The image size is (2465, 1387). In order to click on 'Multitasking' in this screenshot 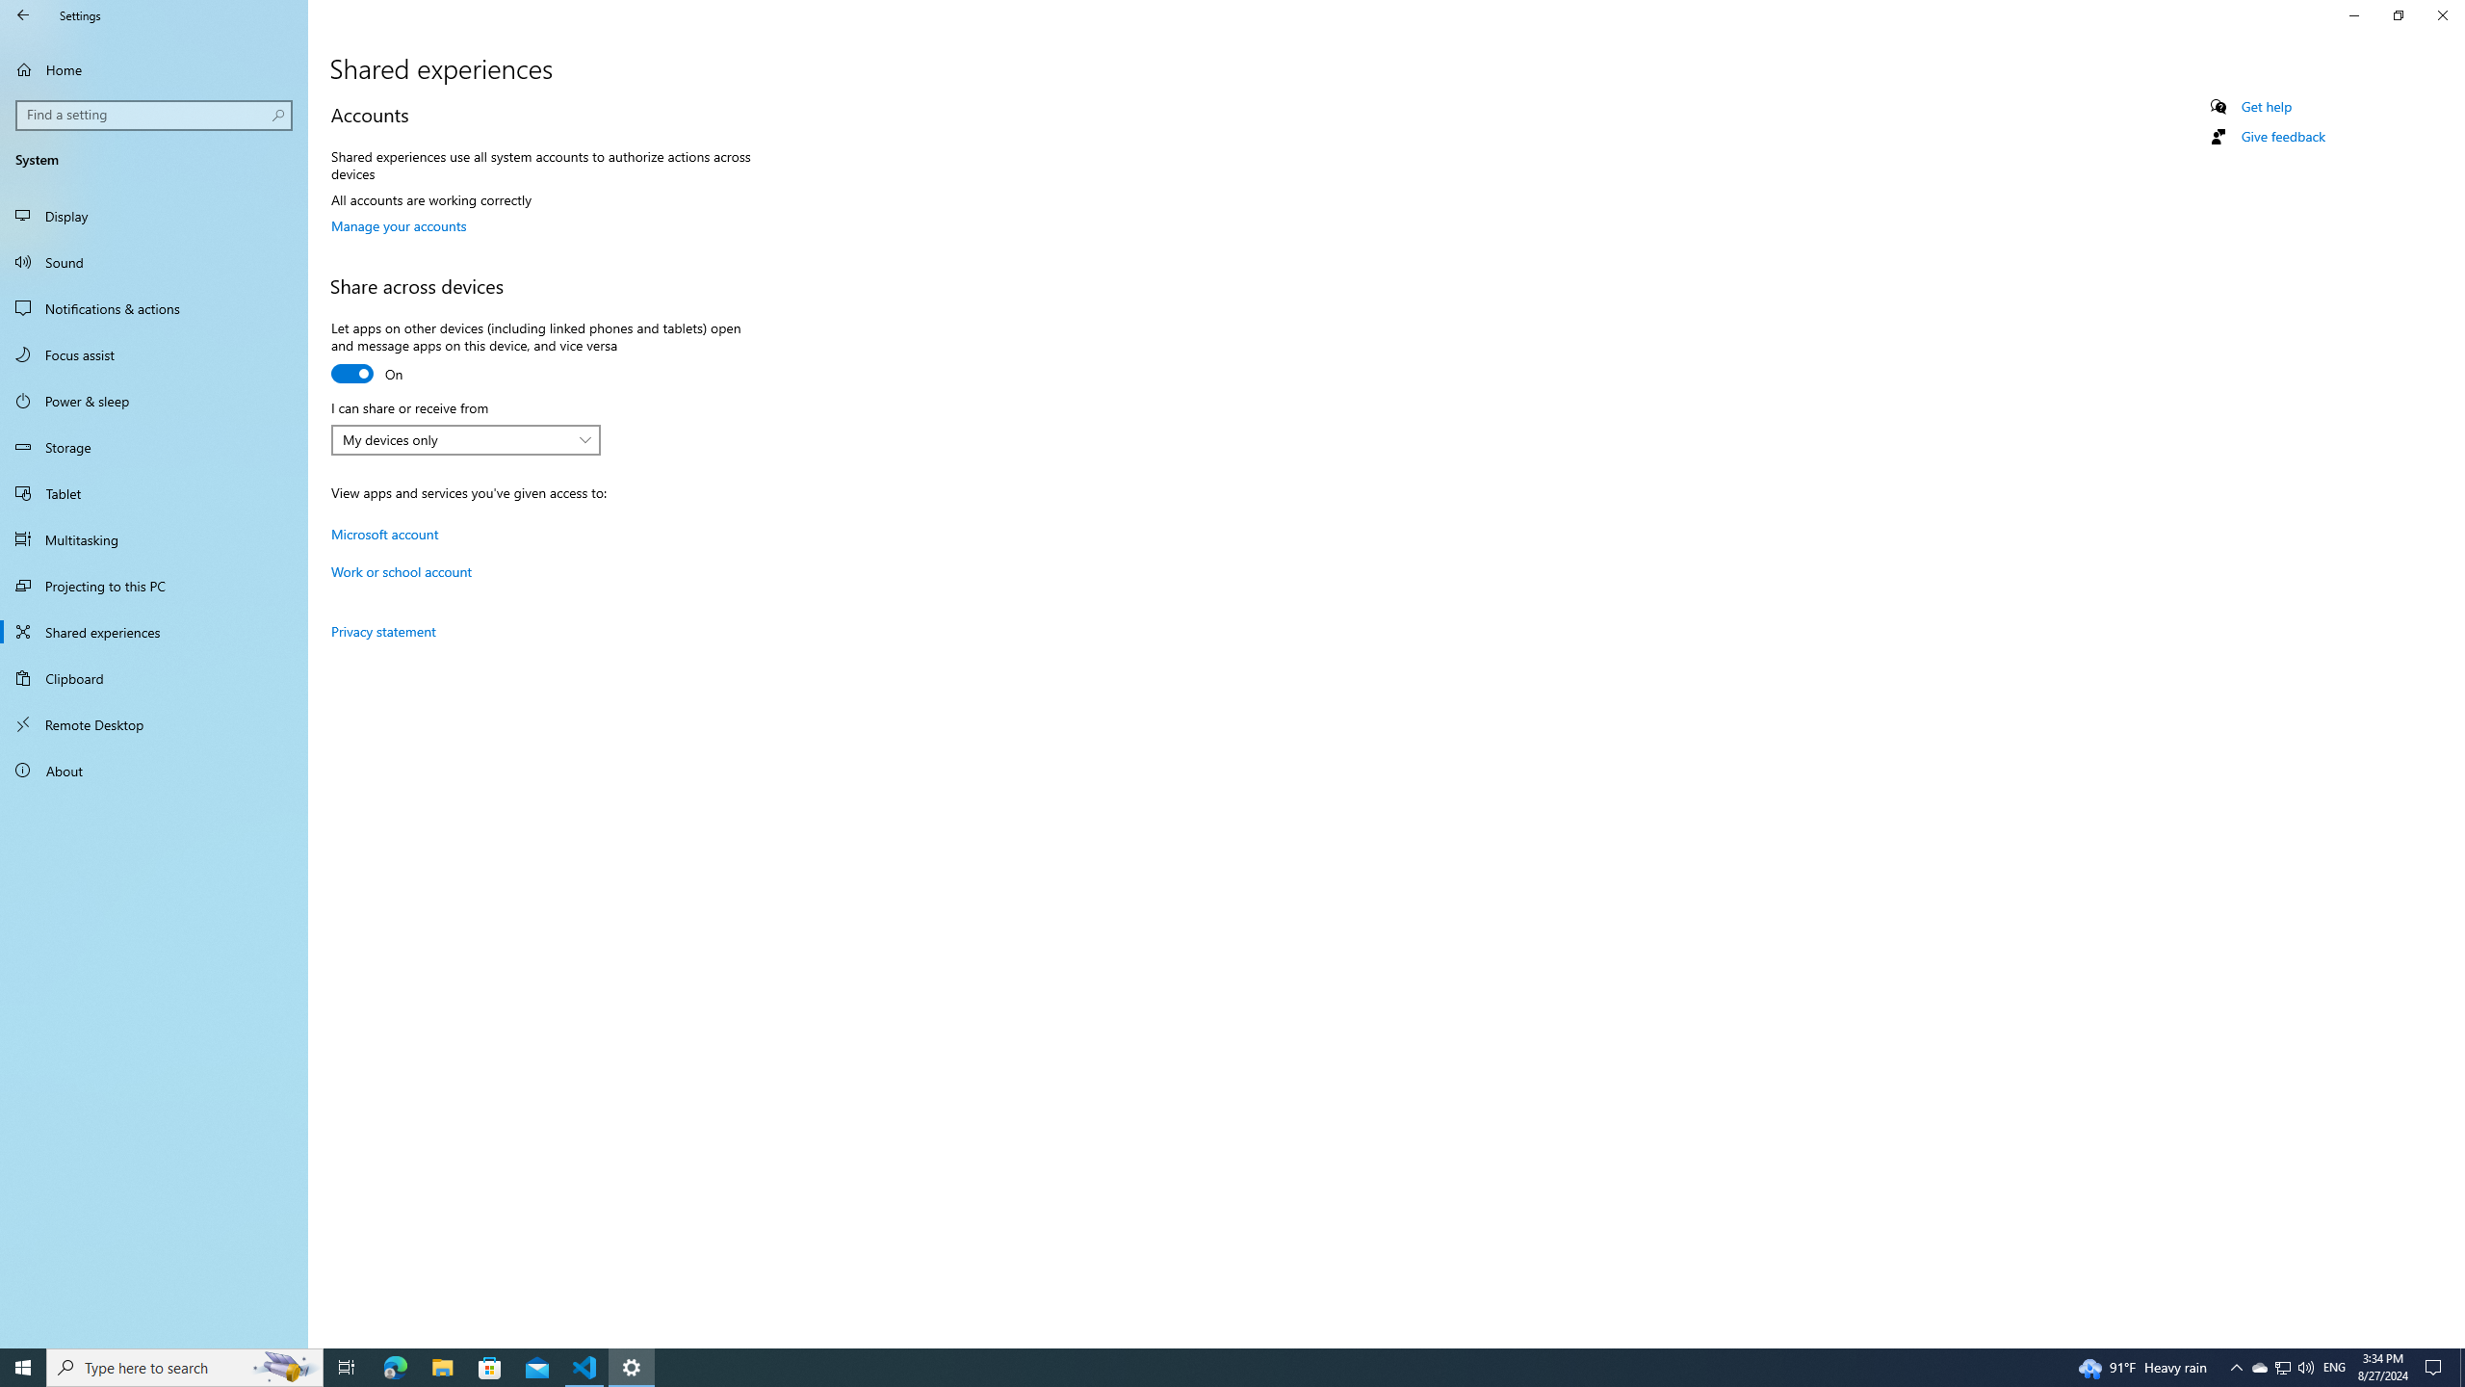, I will do `click(153, 538)`.